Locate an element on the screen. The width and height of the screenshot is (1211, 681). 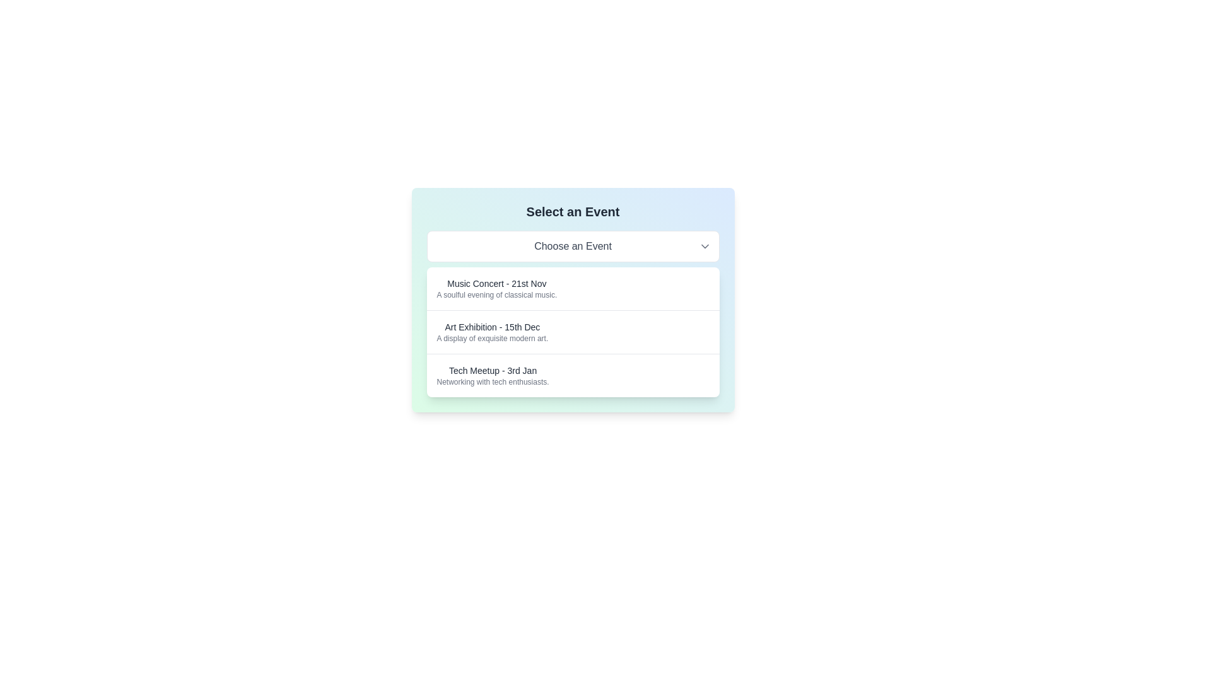
the first entry in the vertical list of event options under the 'Select an Event' dropdown menu is located at coordinates (496, 289).